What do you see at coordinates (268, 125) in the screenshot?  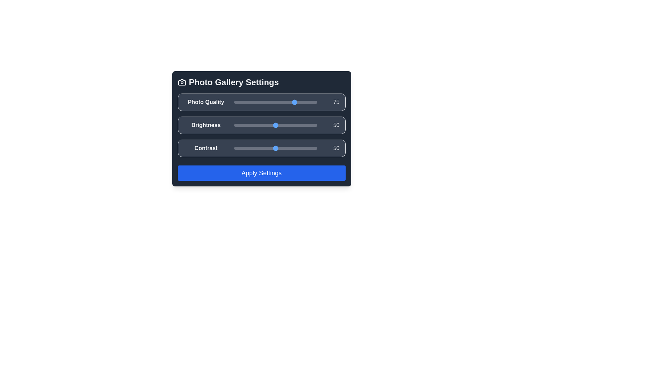 I see `brightness` at bounding box center [268, 125].